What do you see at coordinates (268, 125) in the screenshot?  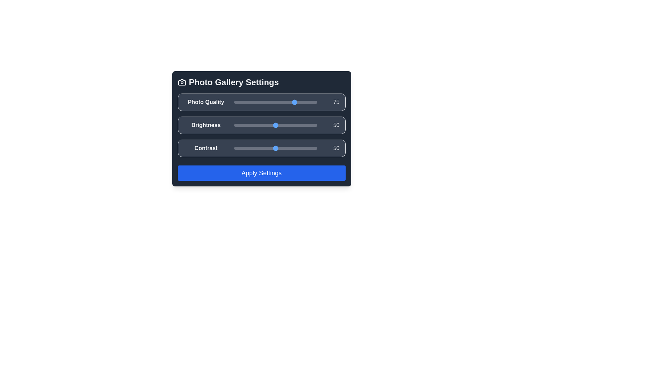 I see `brightness` at bounding box center [268, 125].